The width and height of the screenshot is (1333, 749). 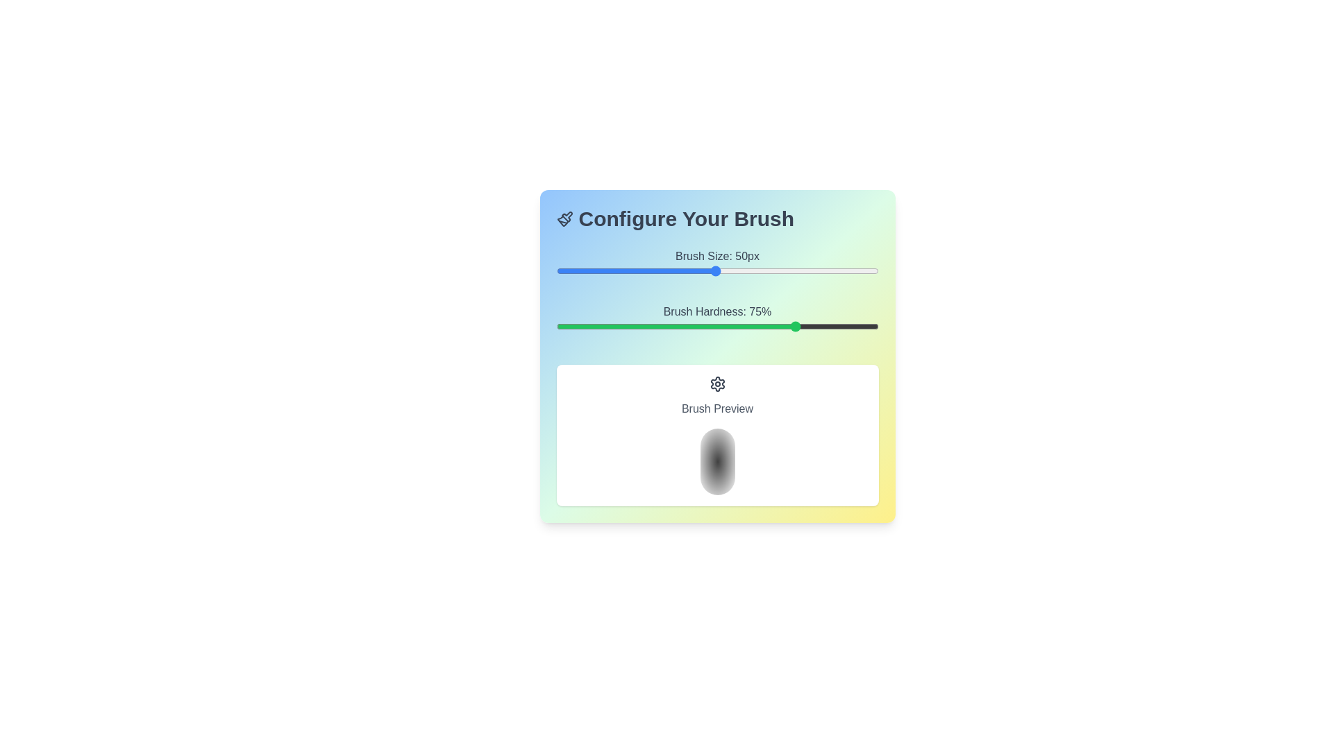 What do you see at coordinates (862, 270) in the screenshot?
I see `the brush size to 95 by interacting with the slider` at bounding box center [862, 270].